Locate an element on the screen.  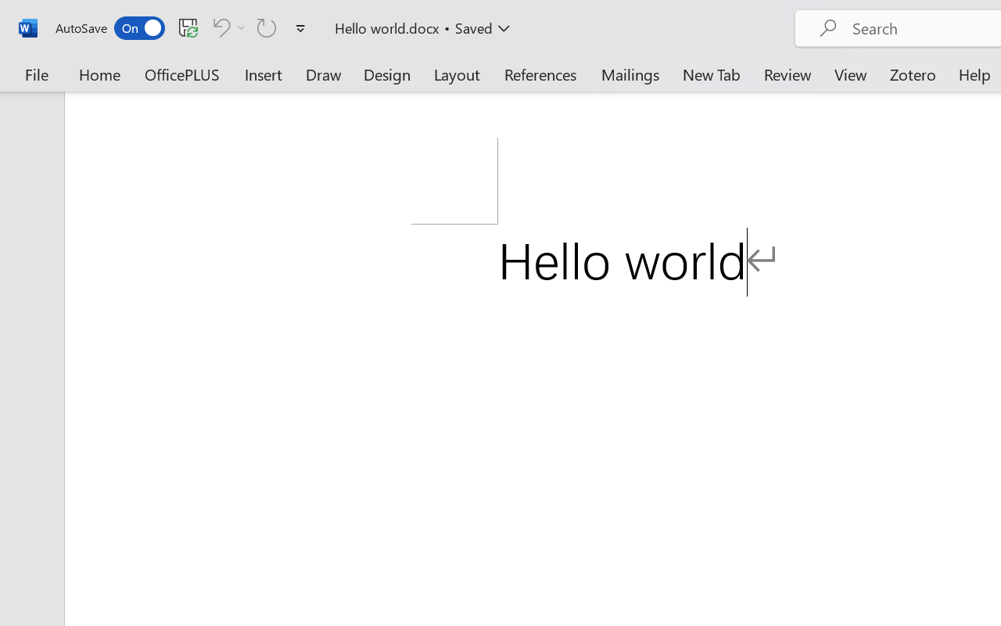
'Mailings' is located at coordinates (630, 74).